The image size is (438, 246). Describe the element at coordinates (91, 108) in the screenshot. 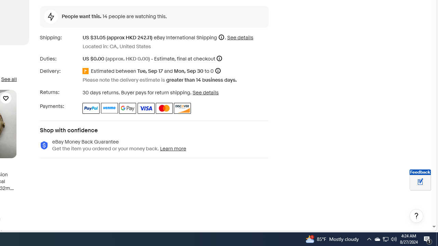

I see `'PayPal'` at that location.